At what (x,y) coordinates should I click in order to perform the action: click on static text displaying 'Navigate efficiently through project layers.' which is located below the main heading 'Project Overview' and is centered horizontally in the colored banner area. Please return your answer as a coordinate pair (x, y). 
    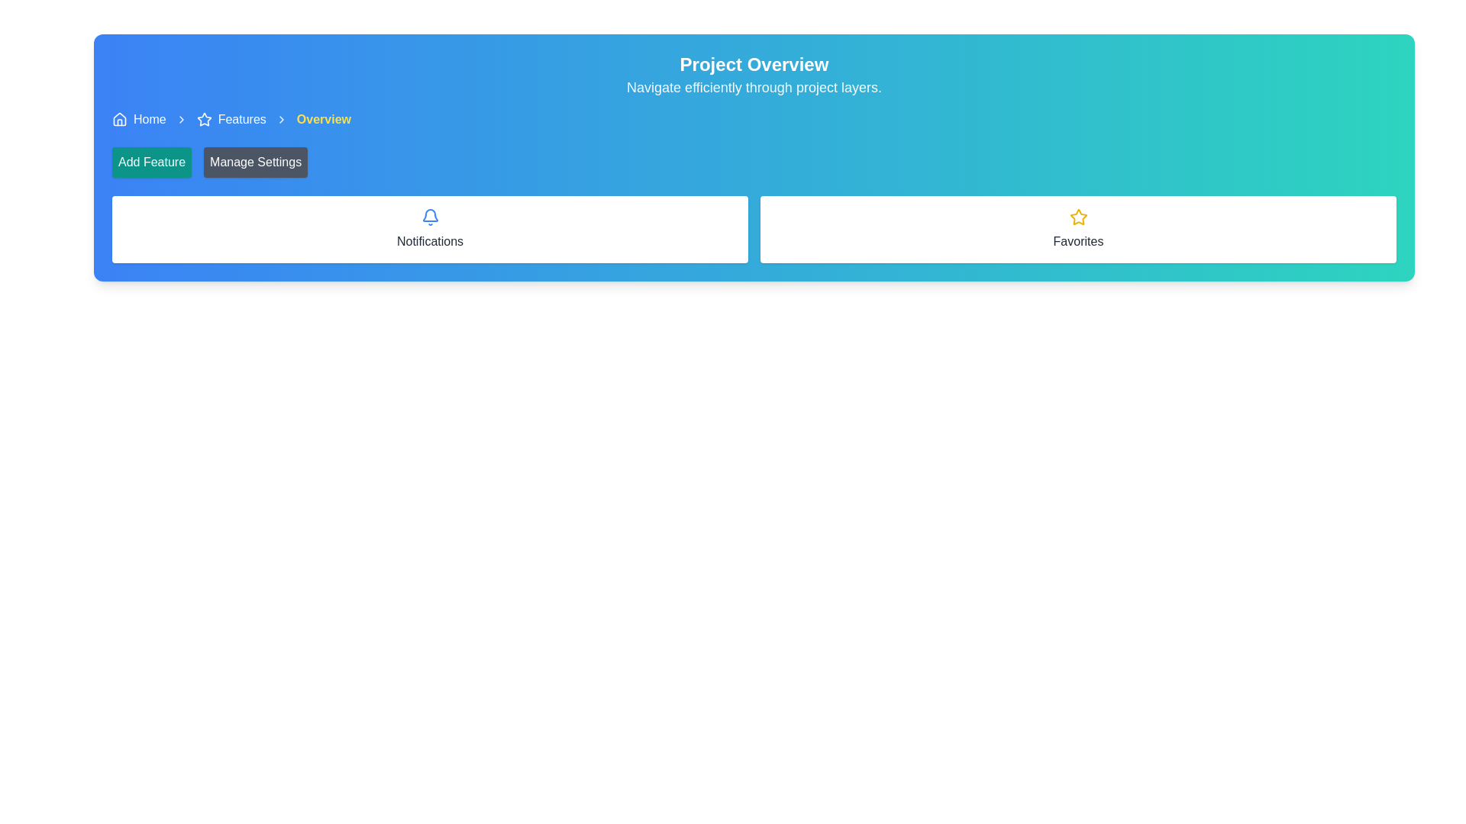
    Looking at the image, I should click on (754, 88).